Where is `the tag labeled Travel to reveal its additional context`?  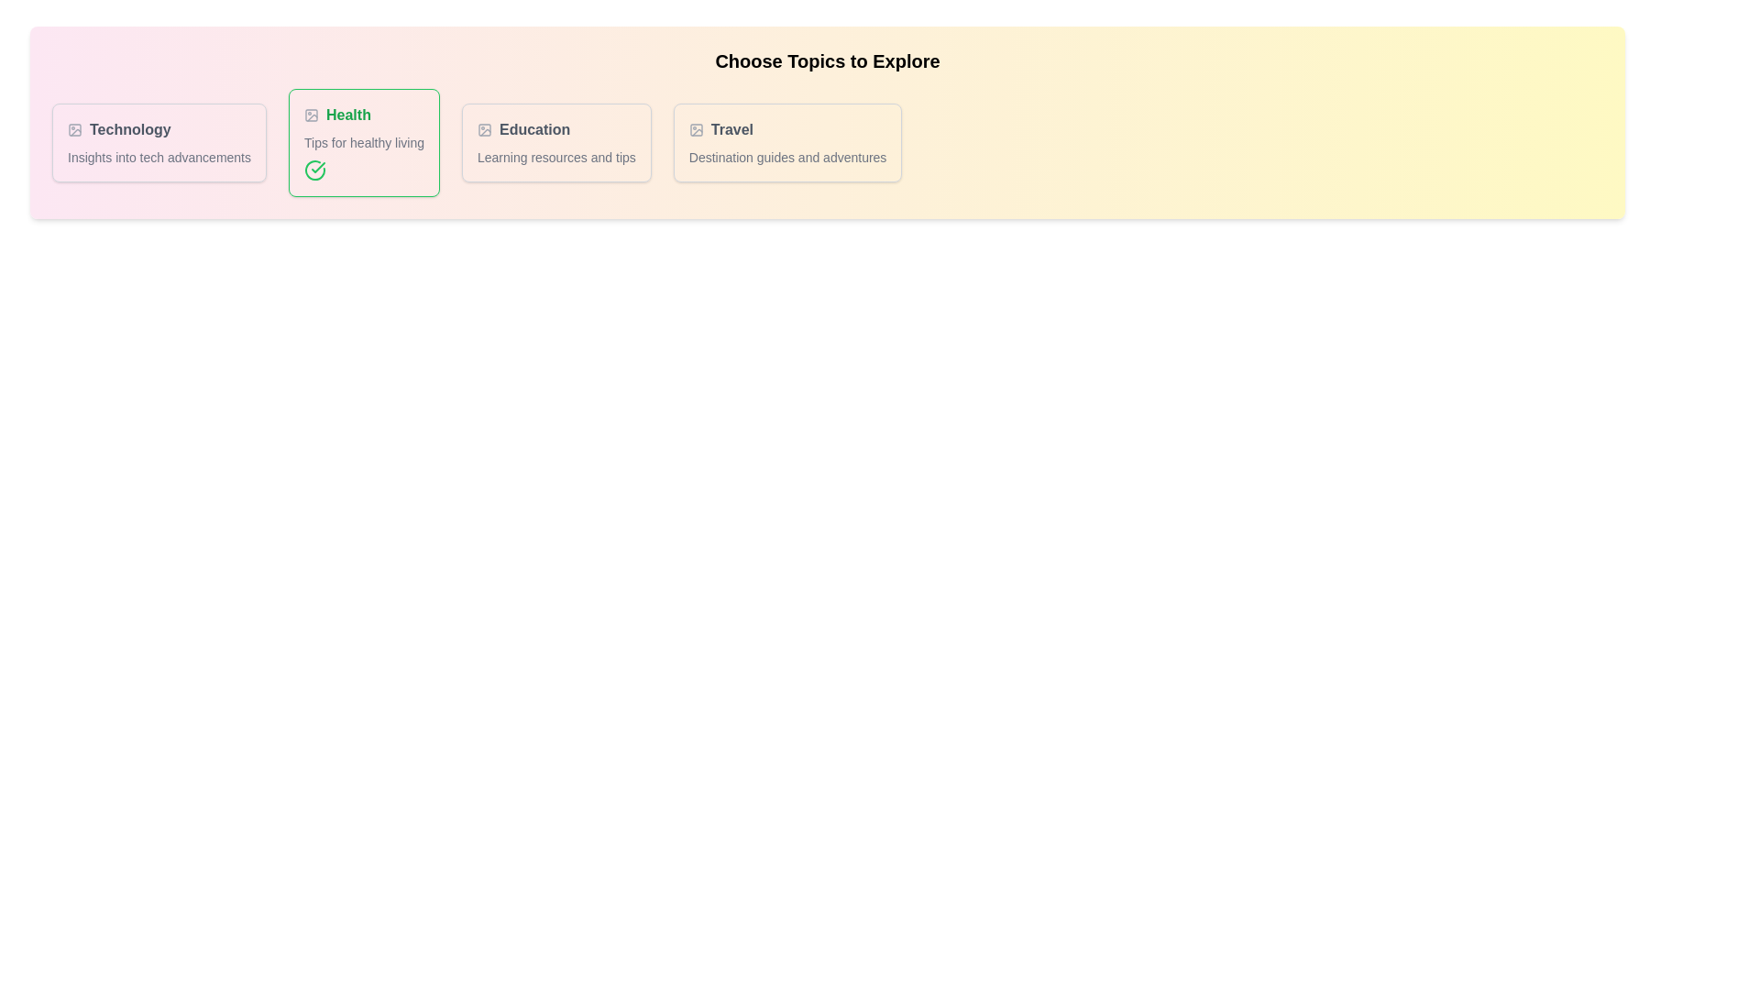
the tag labeled Travel to reveal its additional context is located at coordinates (787, 129).